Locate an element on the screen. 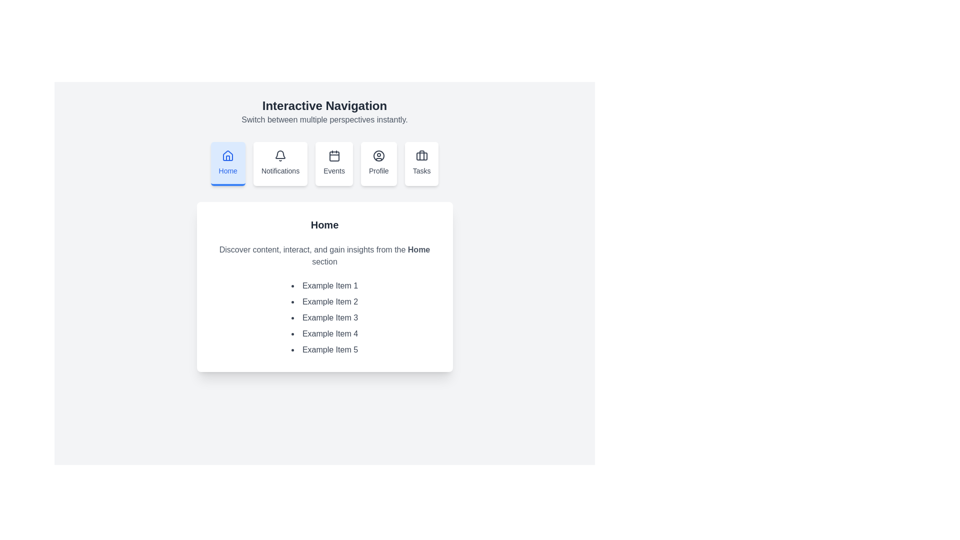  the label for the navigation button that directs users to the notifications or alerts section, which is located under the bell icon and is part of a card-like button structure in the navigation section is located at coordinates (280, 170).